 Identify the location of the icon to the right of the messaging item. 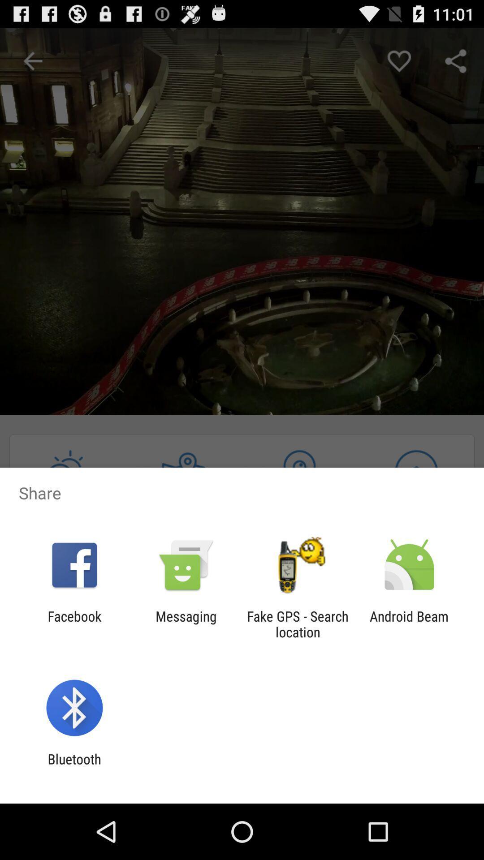
(298, 623).